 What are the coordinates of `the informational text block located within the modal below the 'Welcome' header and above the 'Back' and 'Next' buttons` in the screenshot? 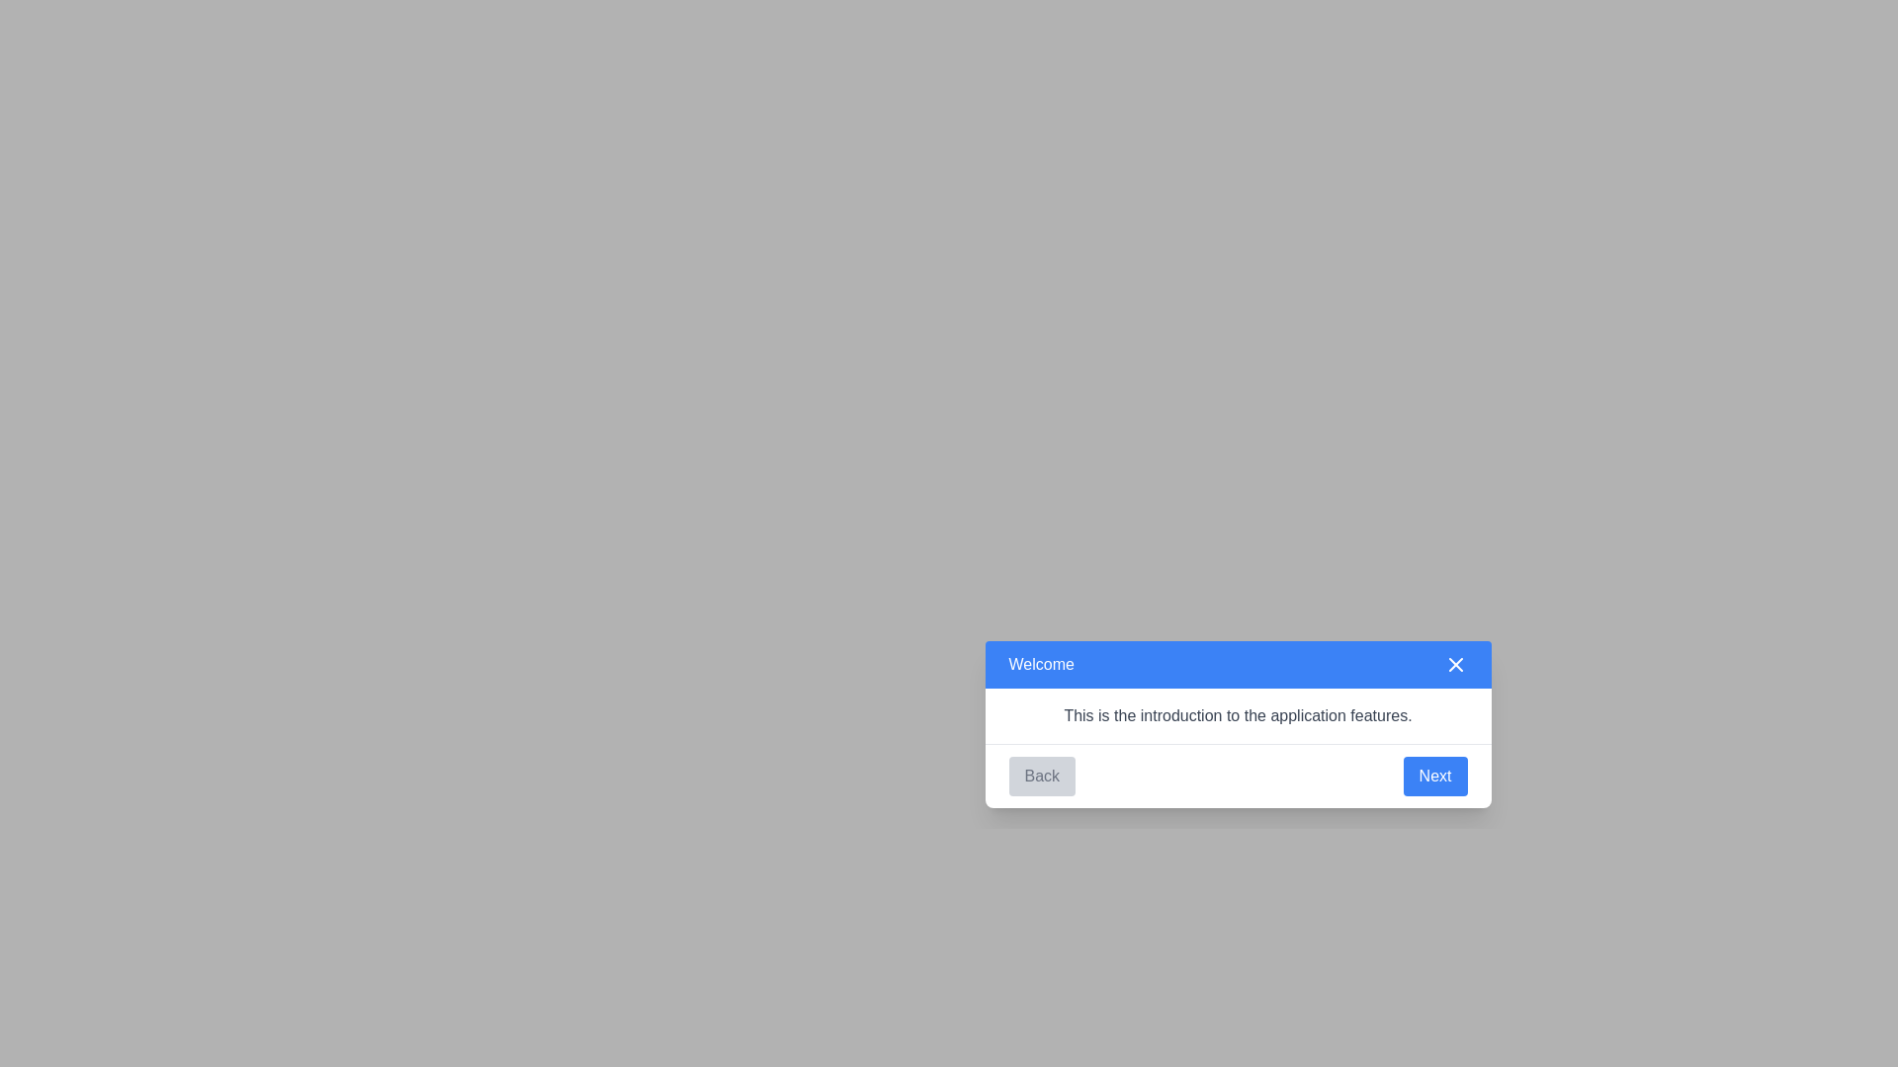 It's located at (1237, 715).